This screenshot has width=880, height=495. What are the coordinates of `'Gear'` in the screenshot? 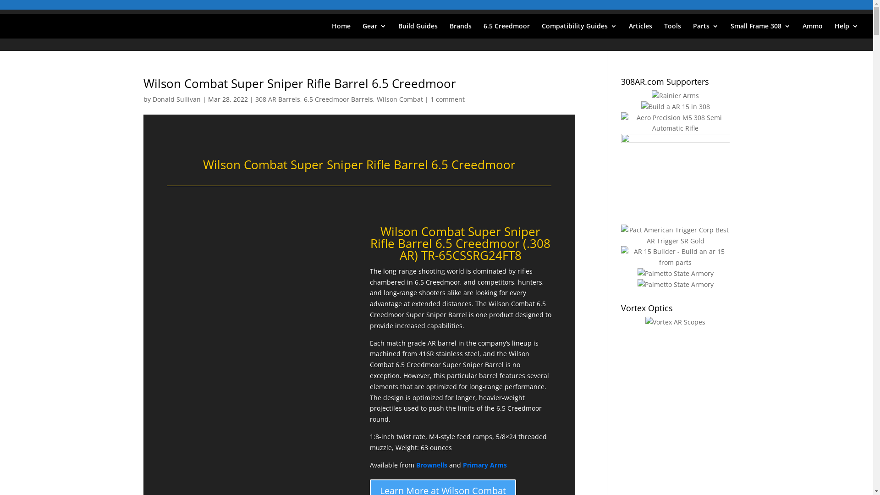 It's located at (374, 30).